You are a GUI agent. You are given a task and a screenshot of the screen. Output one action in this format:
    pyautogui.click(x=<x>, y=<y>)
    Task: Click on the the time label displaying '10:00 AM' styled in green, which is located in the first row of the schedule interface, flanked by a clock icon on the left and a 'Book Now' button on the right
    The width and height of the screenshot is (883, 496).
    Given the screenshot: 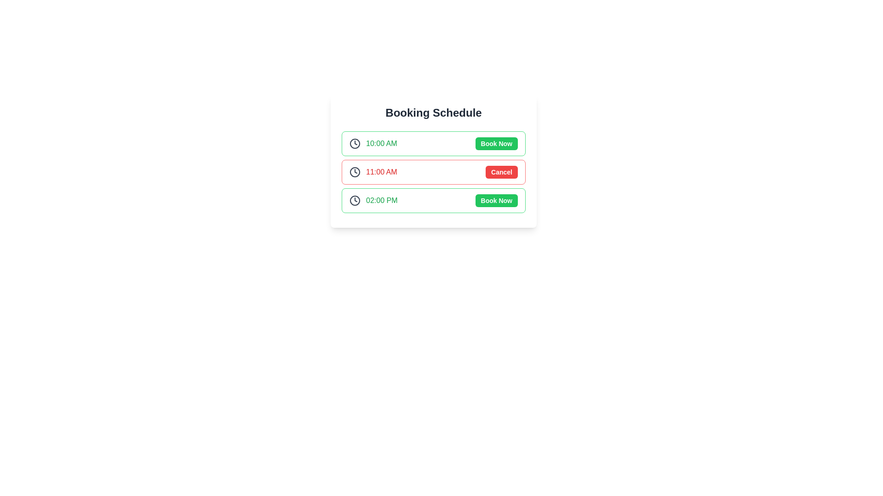 What is the action you would take?
    pyautogui.click(x=381, y=143)
    